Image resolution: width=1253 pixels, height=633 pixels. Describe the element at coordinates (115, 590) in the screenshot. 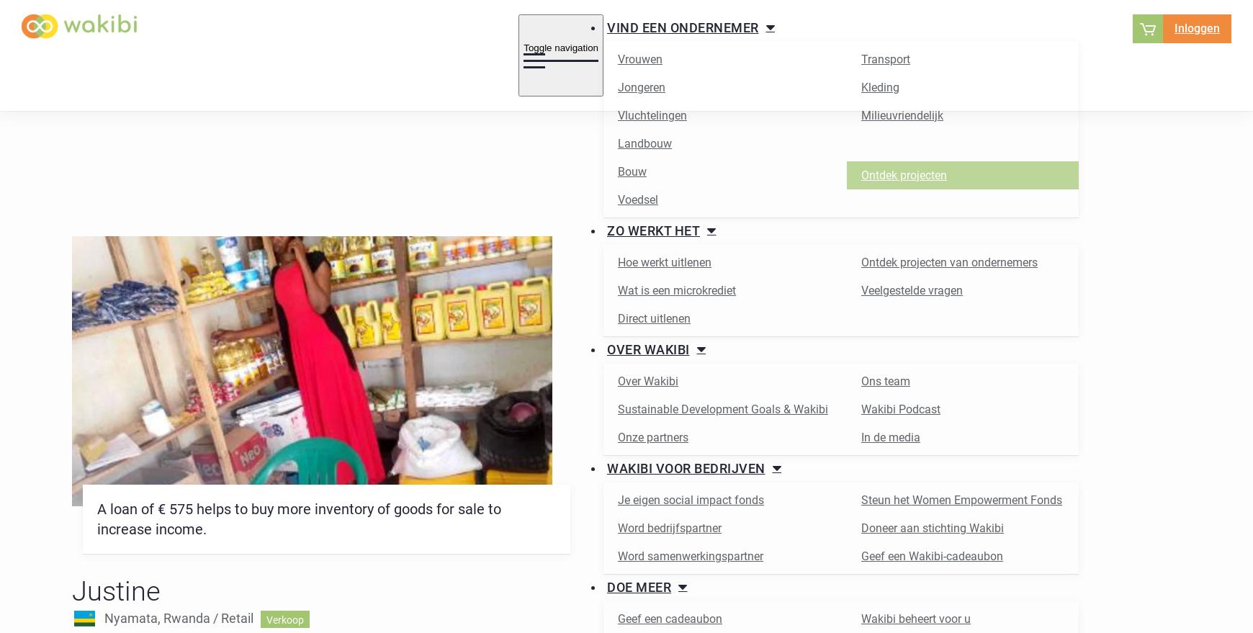

I see `'Justine'` at that location.